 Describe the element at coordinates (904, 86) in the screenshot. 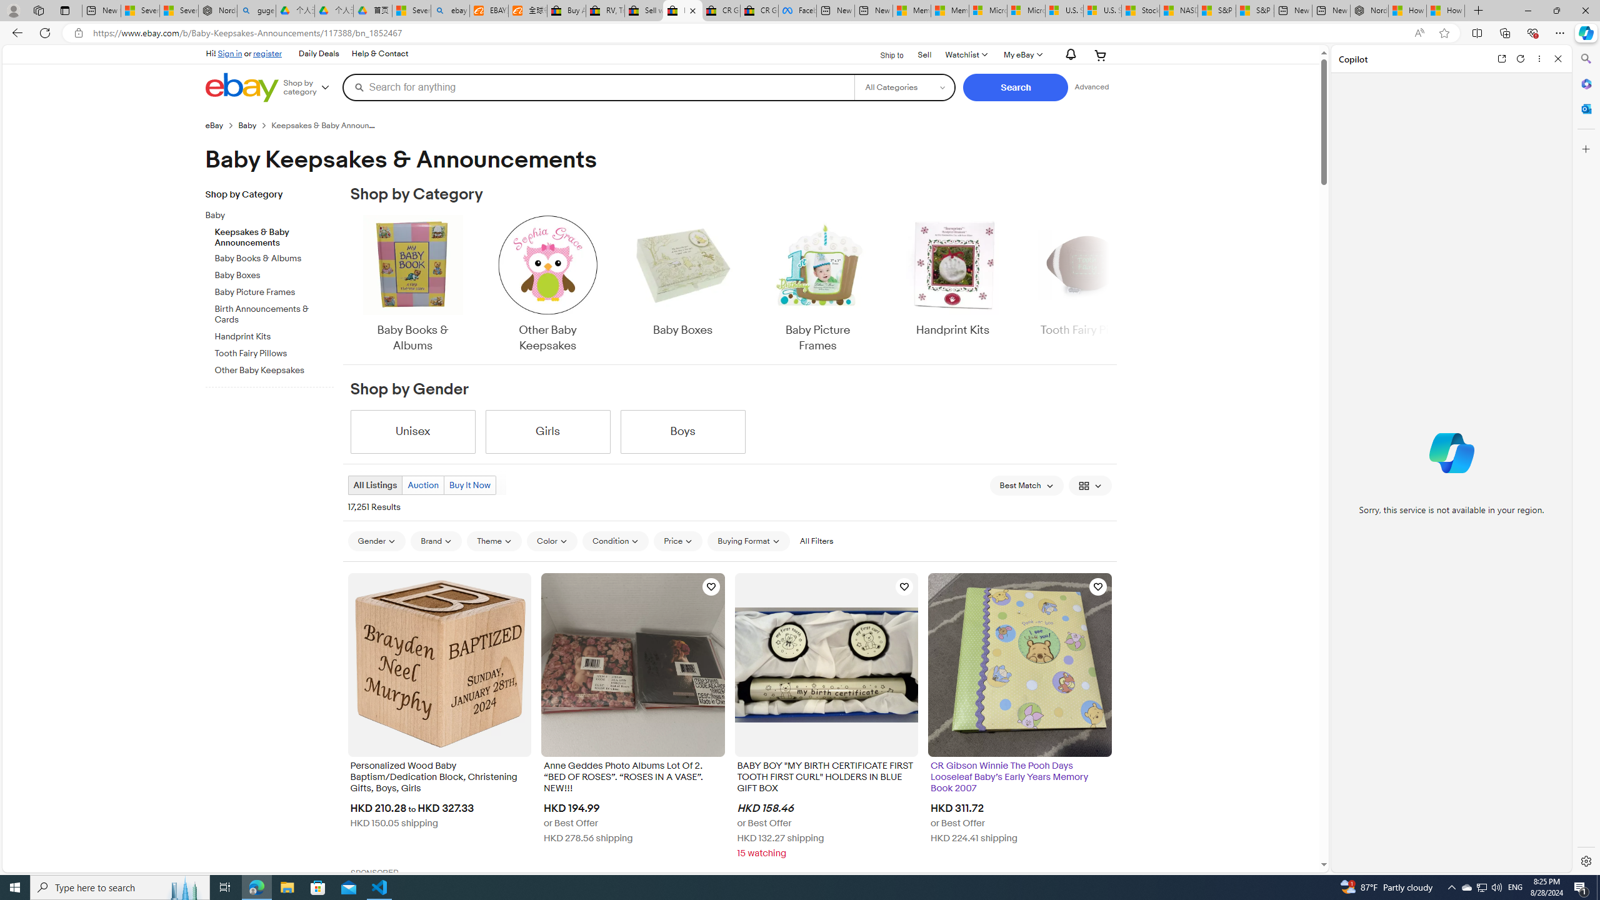

I see `'Select a category for search'` at that location.